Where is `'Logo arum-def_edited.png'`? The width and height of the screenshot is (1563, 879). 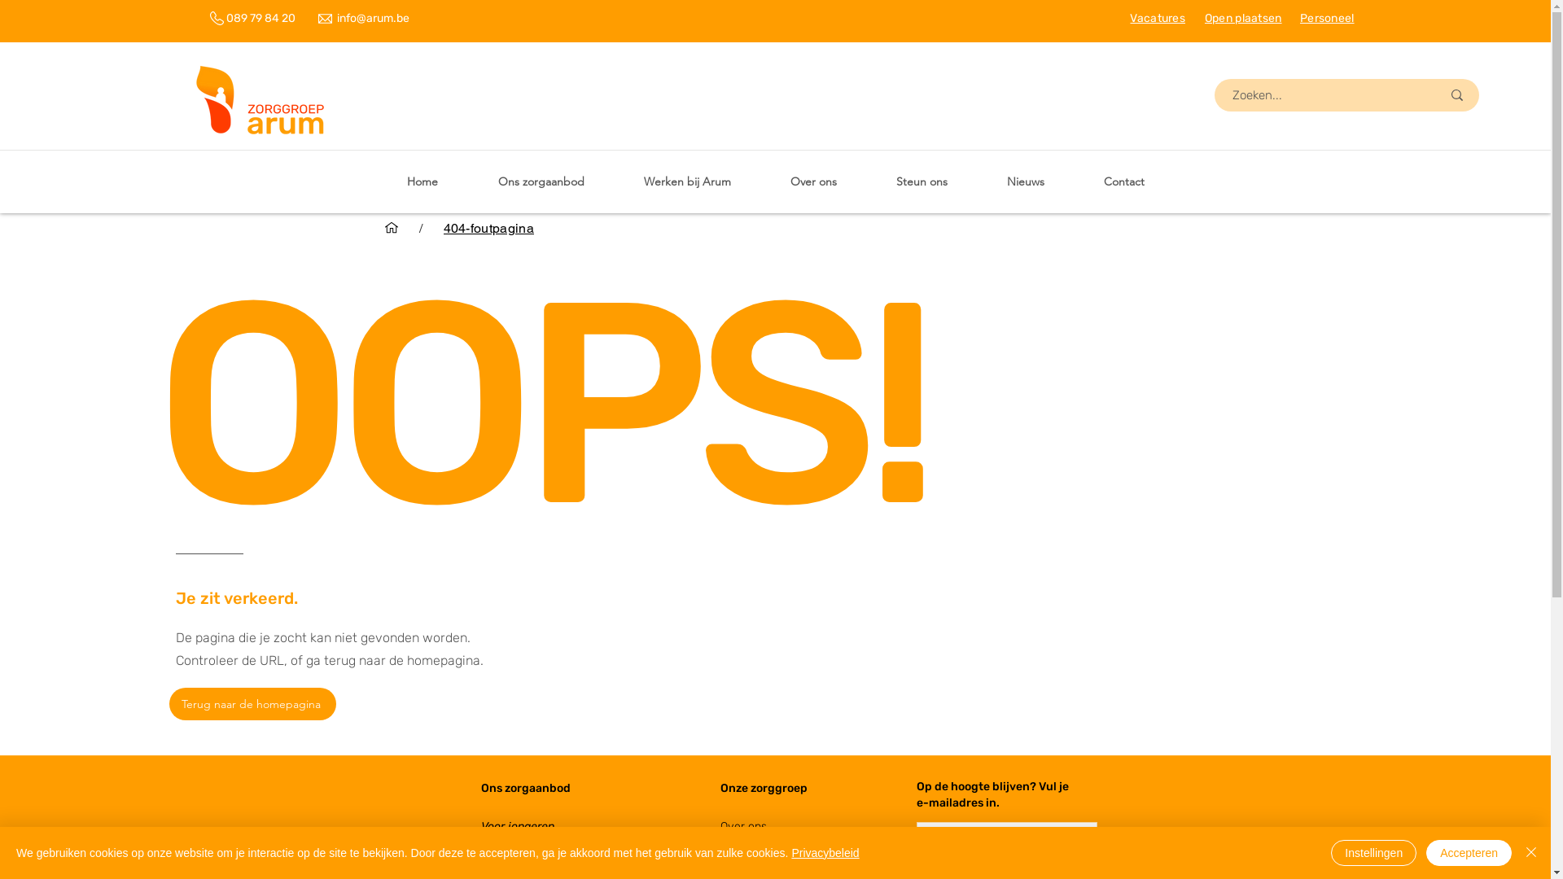 'Logo arum-def_edited.png' is located at coordinates (260, 103).